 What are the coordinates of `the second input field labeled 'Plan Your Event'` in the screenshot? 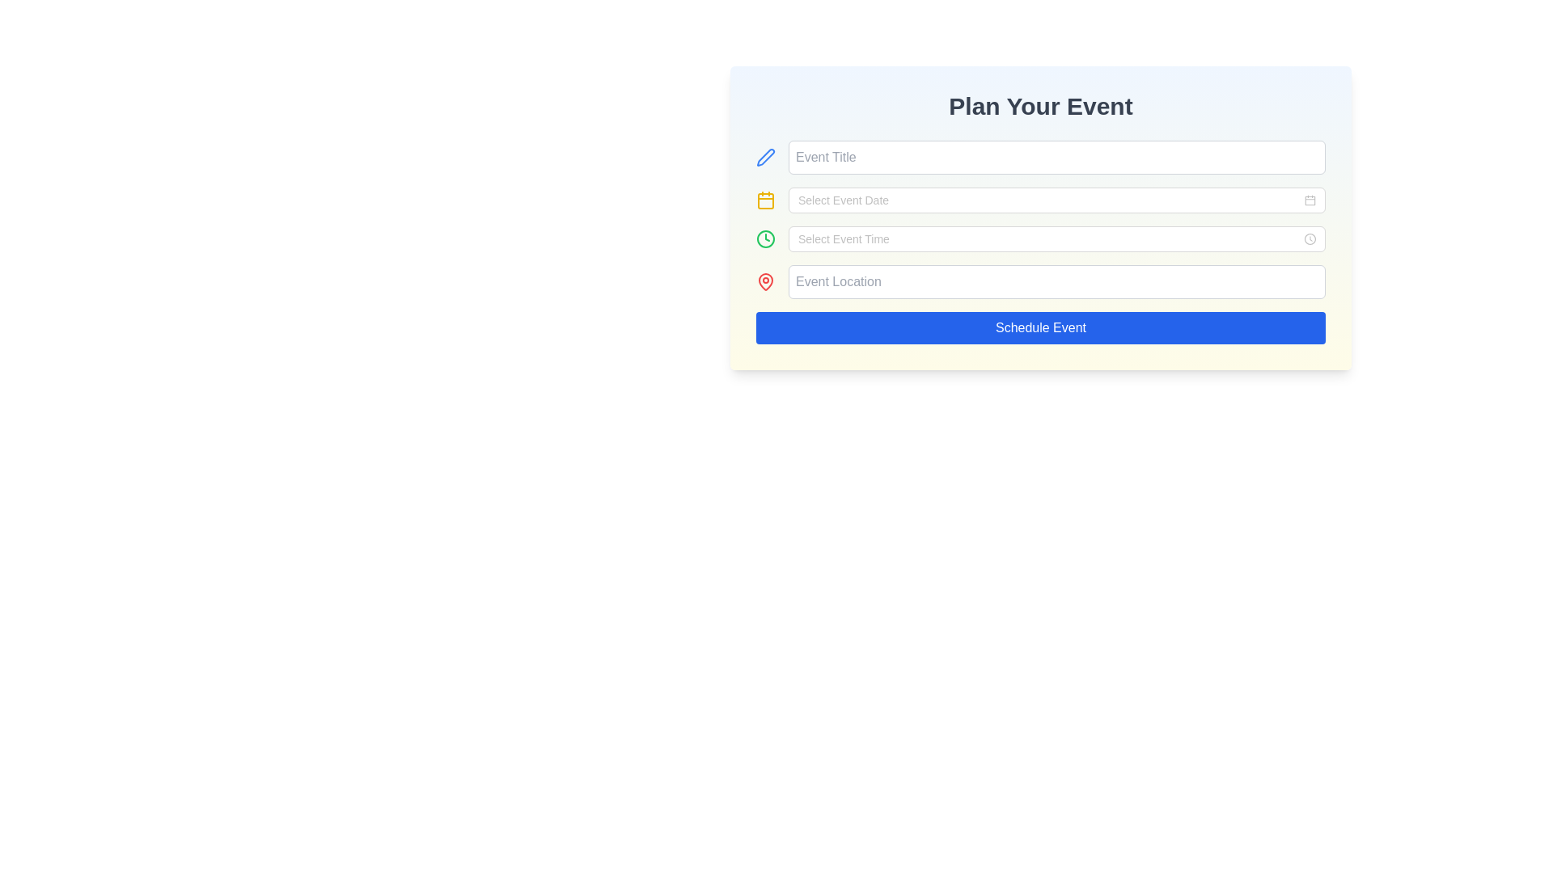 It's located at (1049, 199).